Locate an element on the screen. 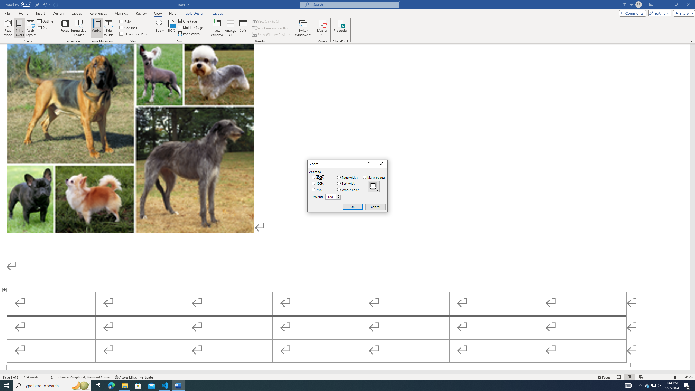  'Side to Side' is located at coordinates (108, 28).